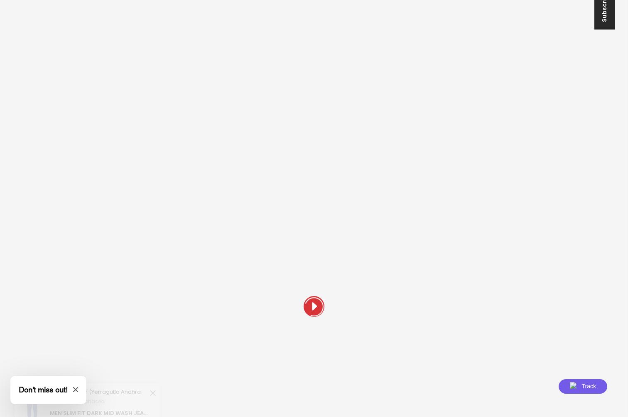  Describe the element at coordinates (154, 191) in the screenshot. I see `'Coimbatore-641018.'` at that location.